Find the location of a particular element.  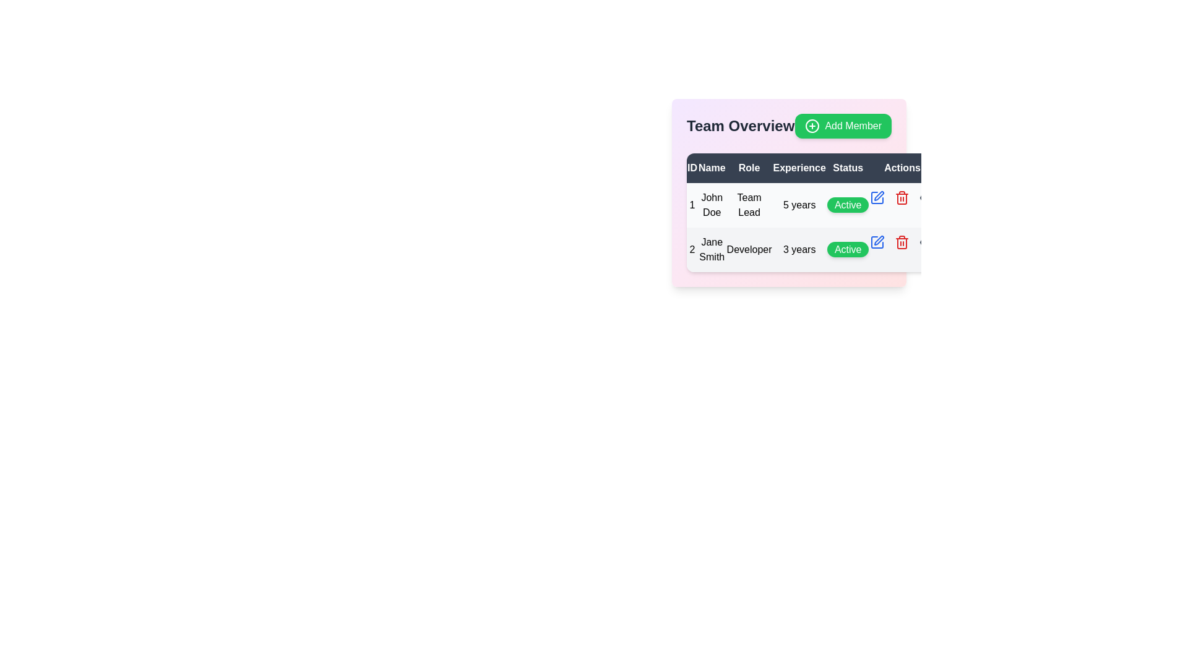

the text label representing the unique identifier for the row entry corresponding to the user 'John Doe', which is the first entry in the 'ID' column of a table is located at coordinates (691, 204).